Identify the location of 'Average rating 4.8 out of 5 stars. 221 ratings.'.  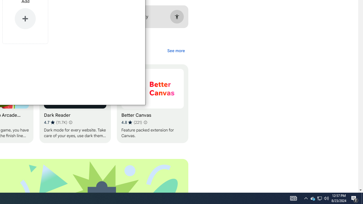
(131, 122).